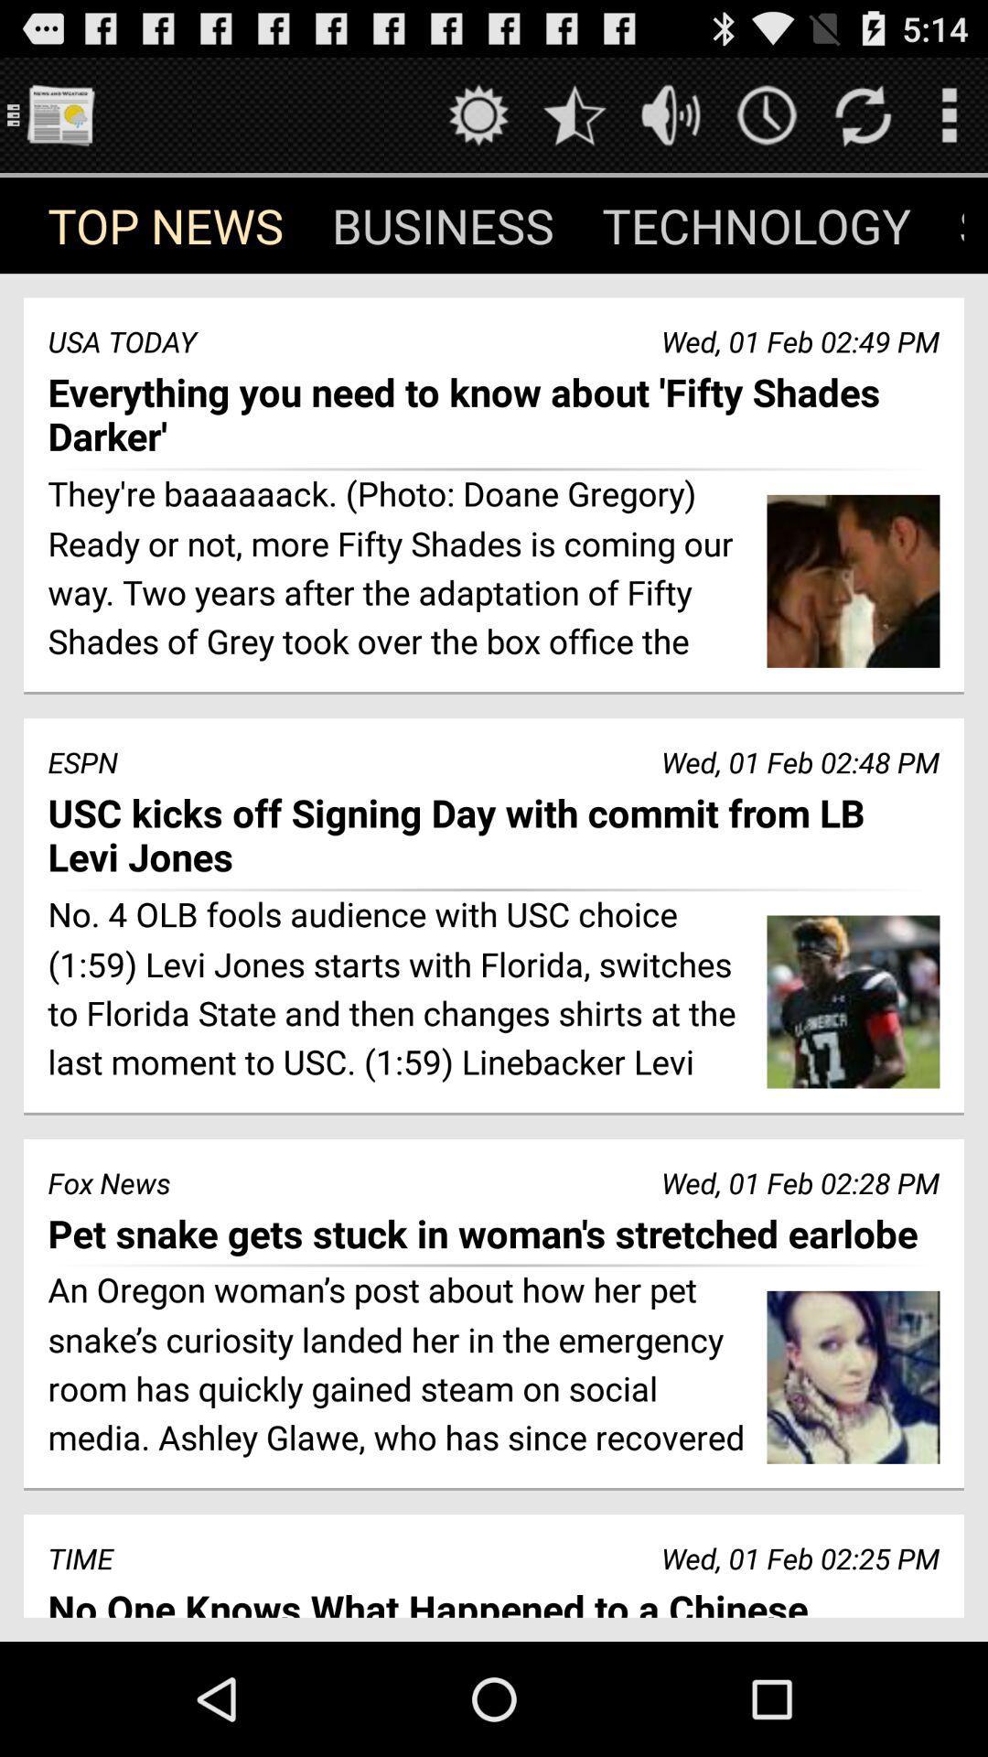 The image size is (988, 1757). Describe the element at coordinates (863, 113) in the screenshot. I see `refresh` at that location.